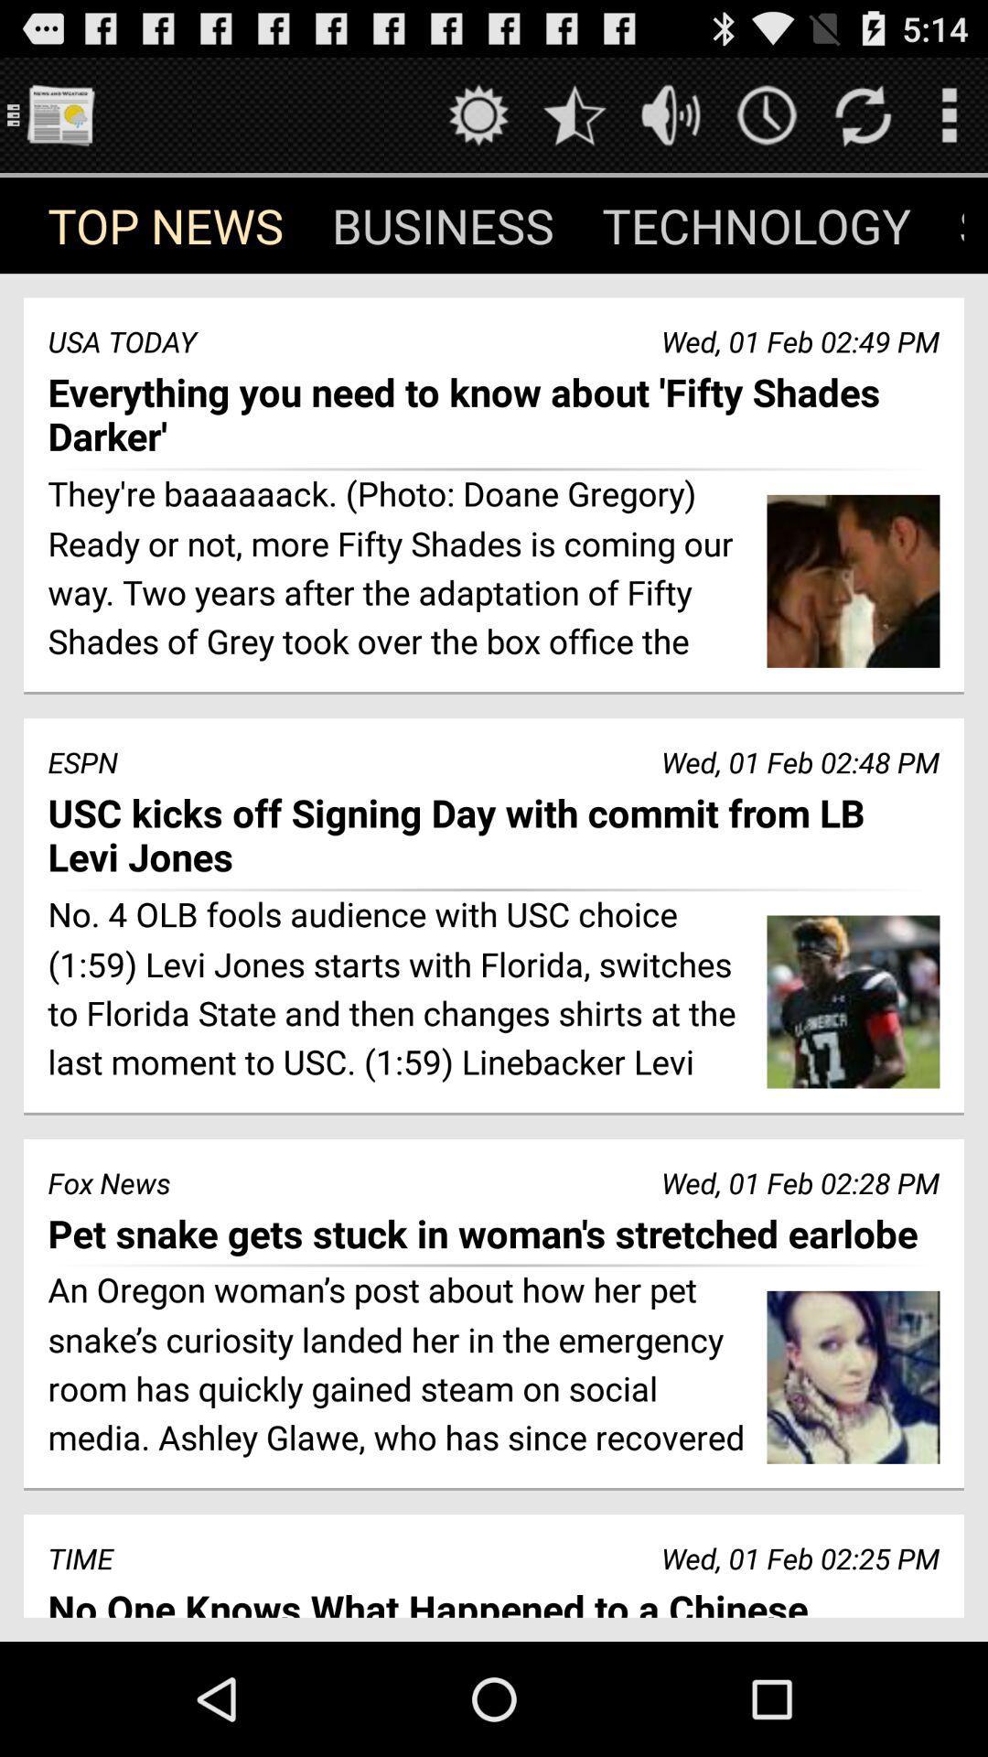 The image size is (988, 1757). Describe the element at coordinates (863, 113) in the screenshot. I see `refresh` at that location.